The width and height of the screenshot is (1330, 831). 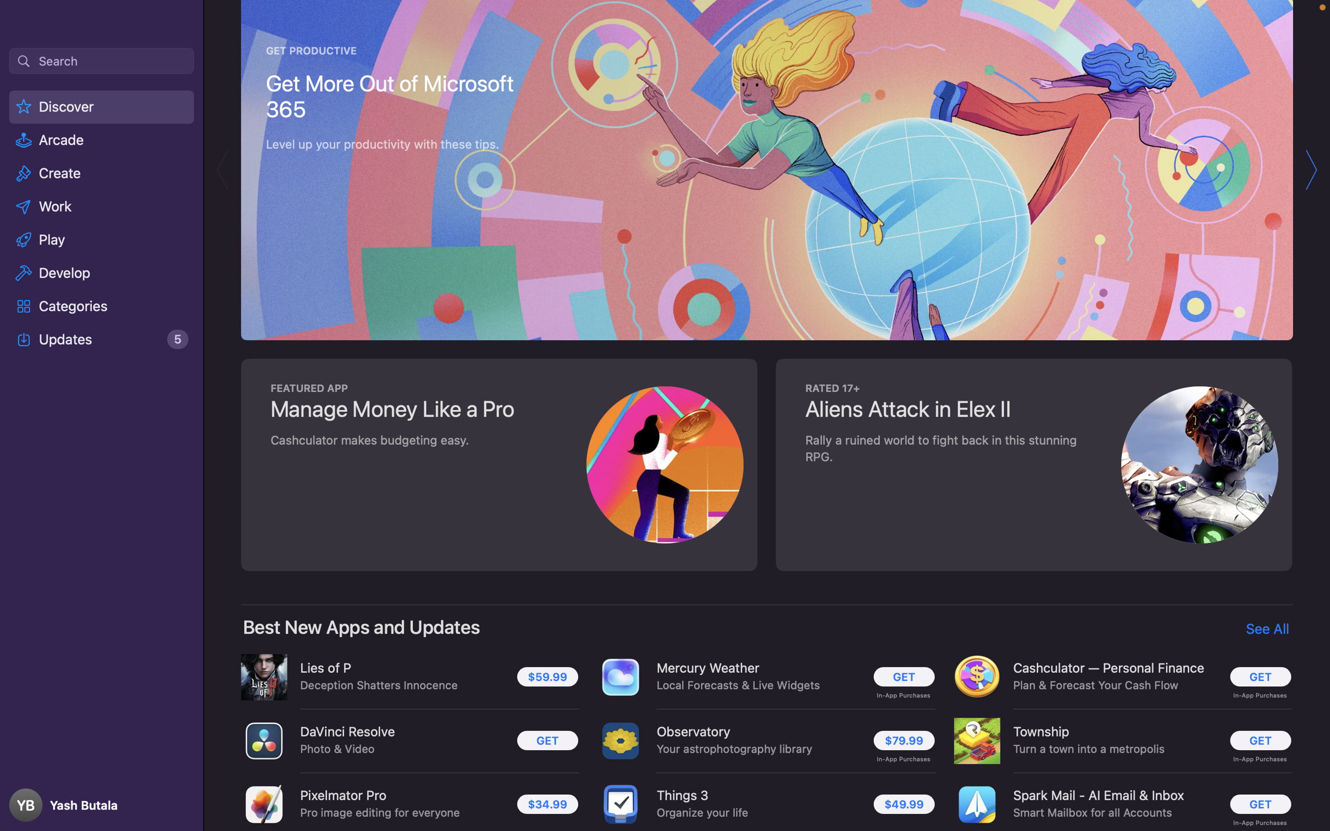 What do you see at coordinates (904, 678) in the screenshot?
I see `Download the Mercury Weather app` at bounding box center [904, 678].